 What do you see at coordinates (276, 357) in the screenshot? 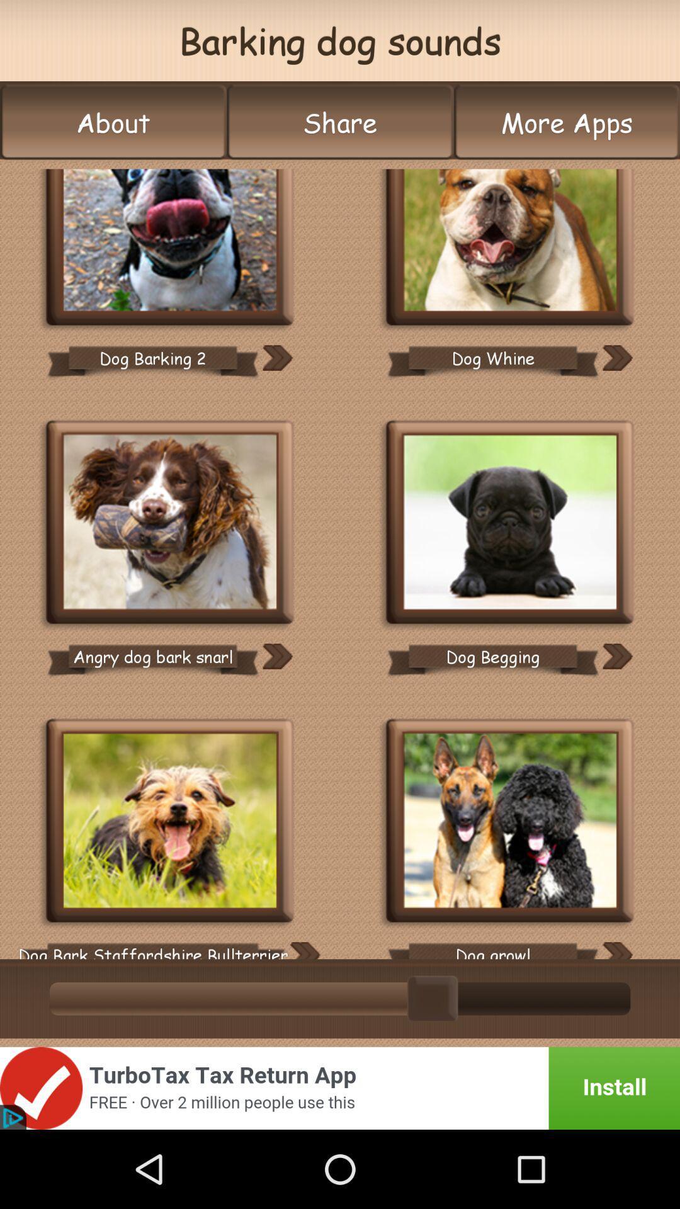
I see `next` at bounding box center [276, 357].